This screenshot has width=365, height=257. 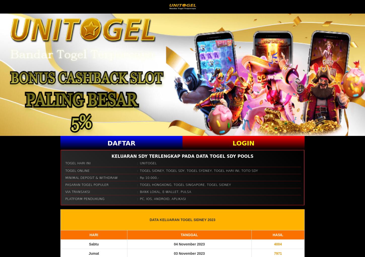 I want to click on 'UNITOGEL', so click(x=140, y=163).